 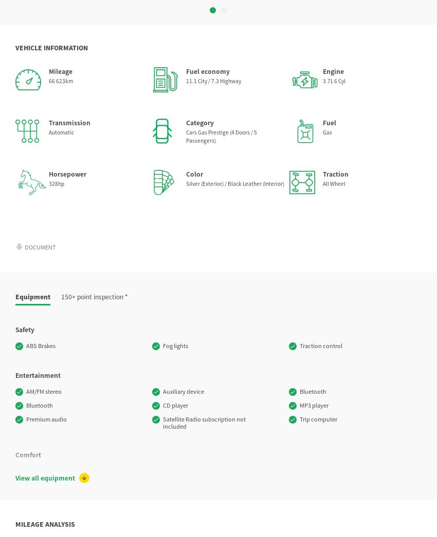 What do you see at coordinates (300, 275) in the screenshot?
I see `'Automatic air control'` at bounding box center [300, 275].